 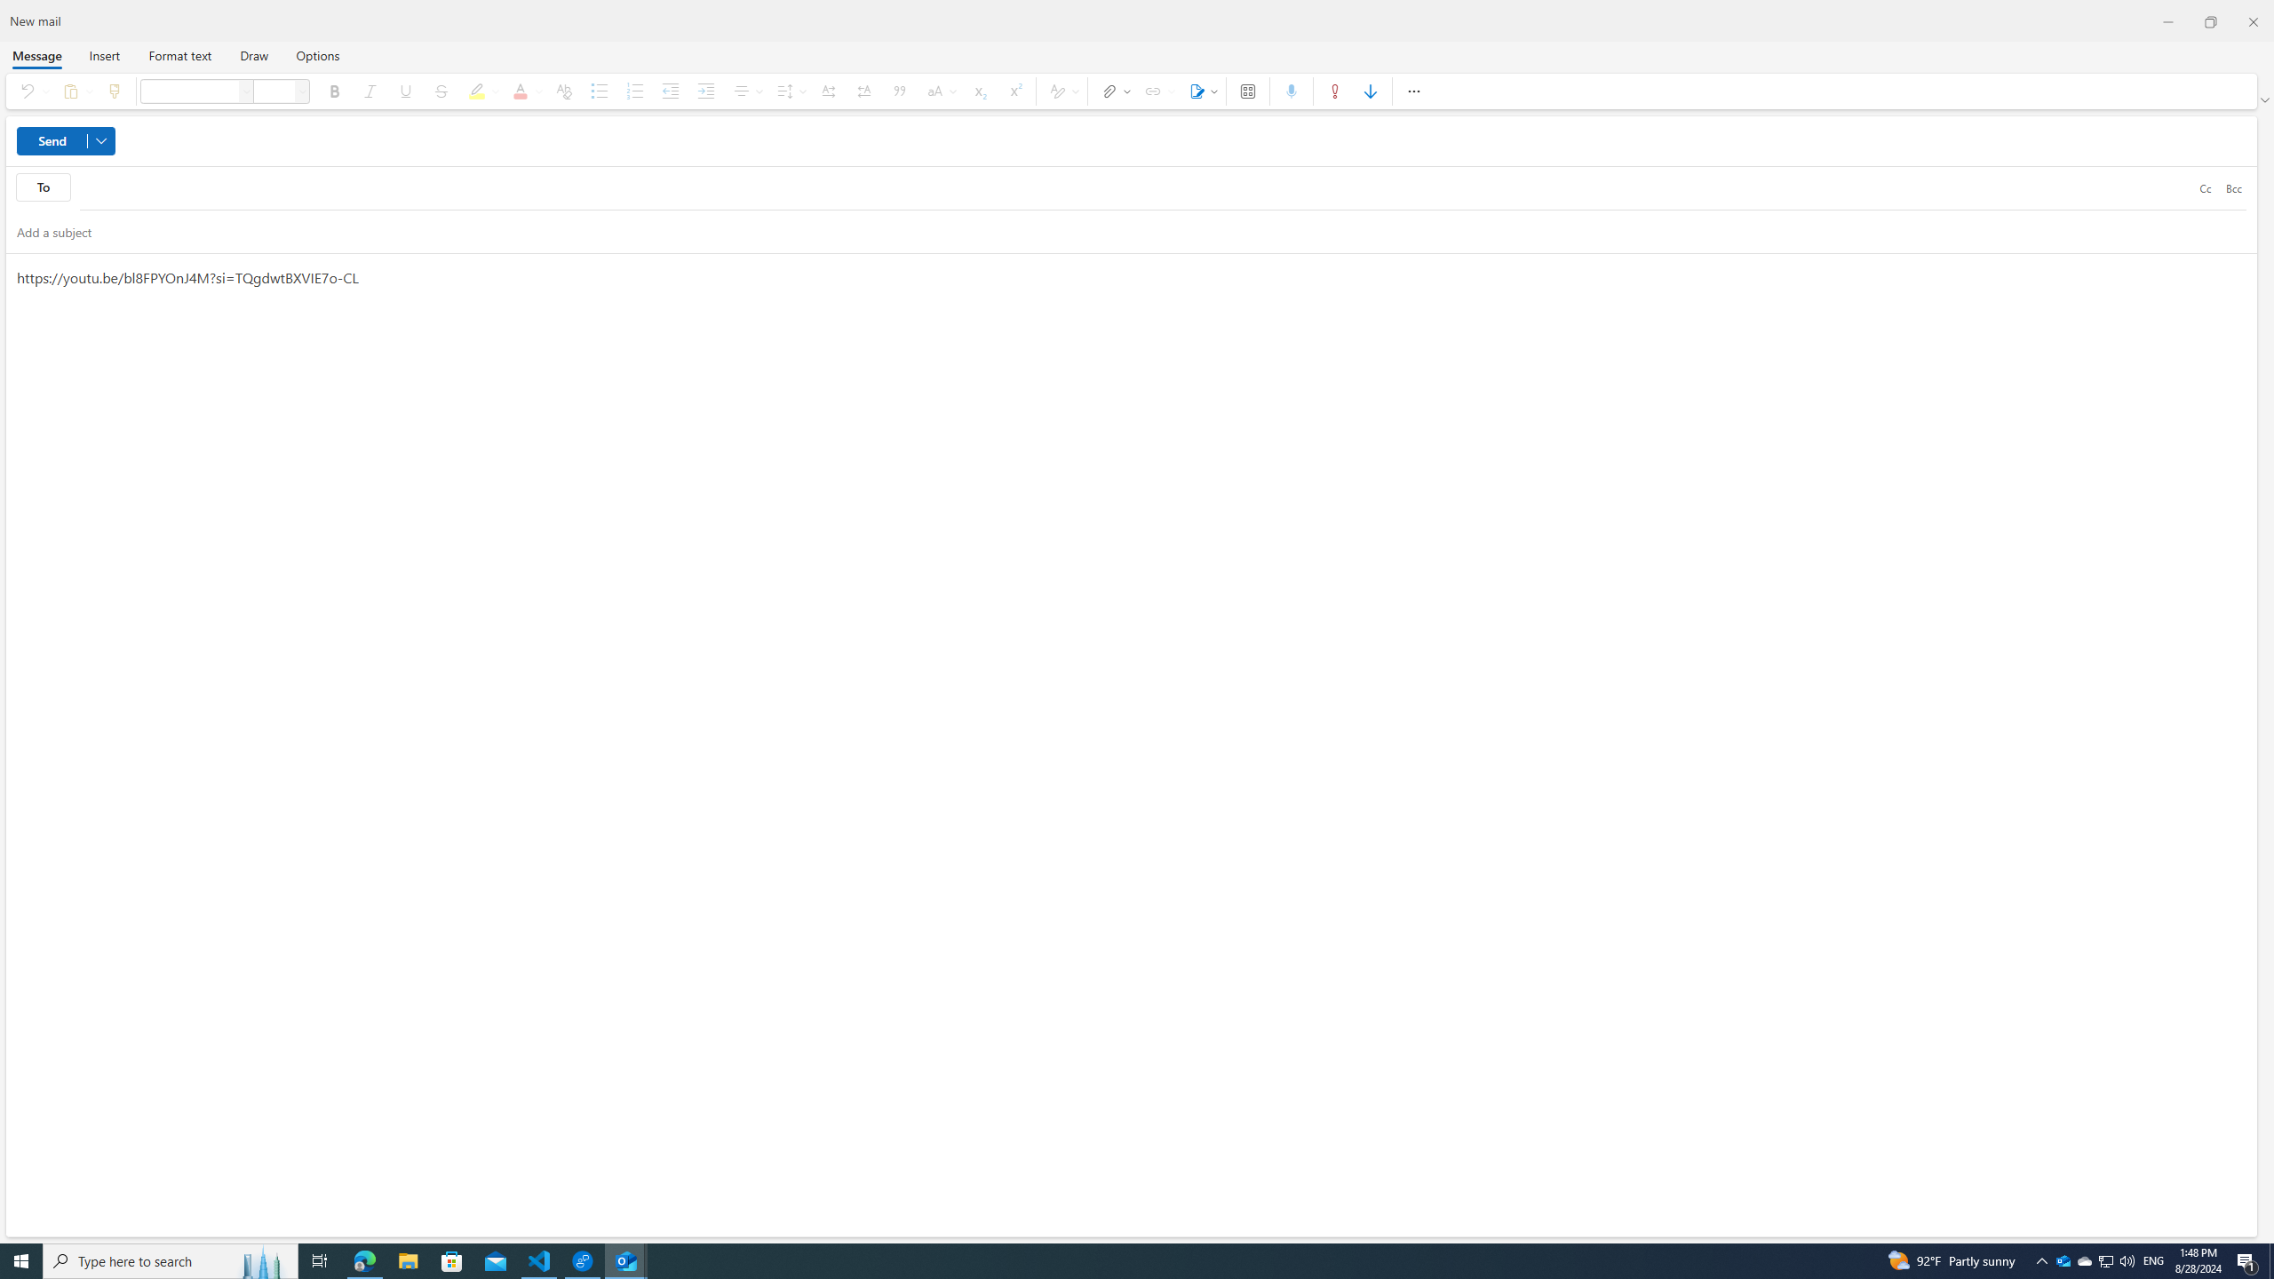 What do you see at coordinates (104, 54) in the screenshot?
I see `'Insert'` at bounding box center [104, 54].